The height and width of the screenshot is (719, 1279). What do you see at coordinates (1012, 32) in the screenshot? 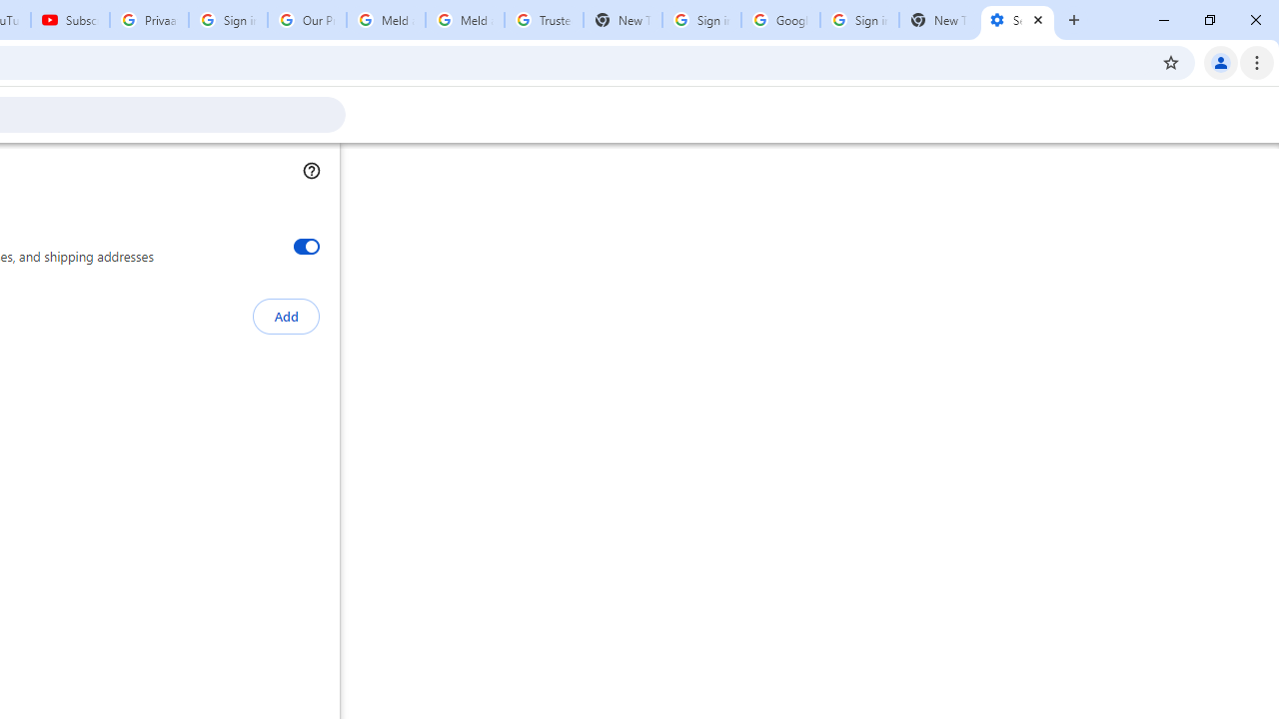
I see `'Sign in'` at bounding box center [1012, 32].